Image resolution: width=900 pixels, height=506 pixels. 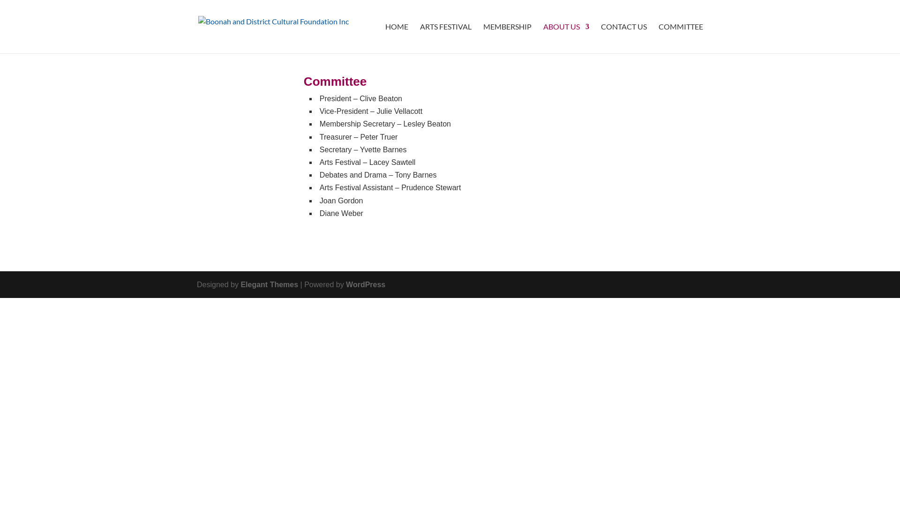 I want to click on 'ABOUT US', so click(x=566, y=37).